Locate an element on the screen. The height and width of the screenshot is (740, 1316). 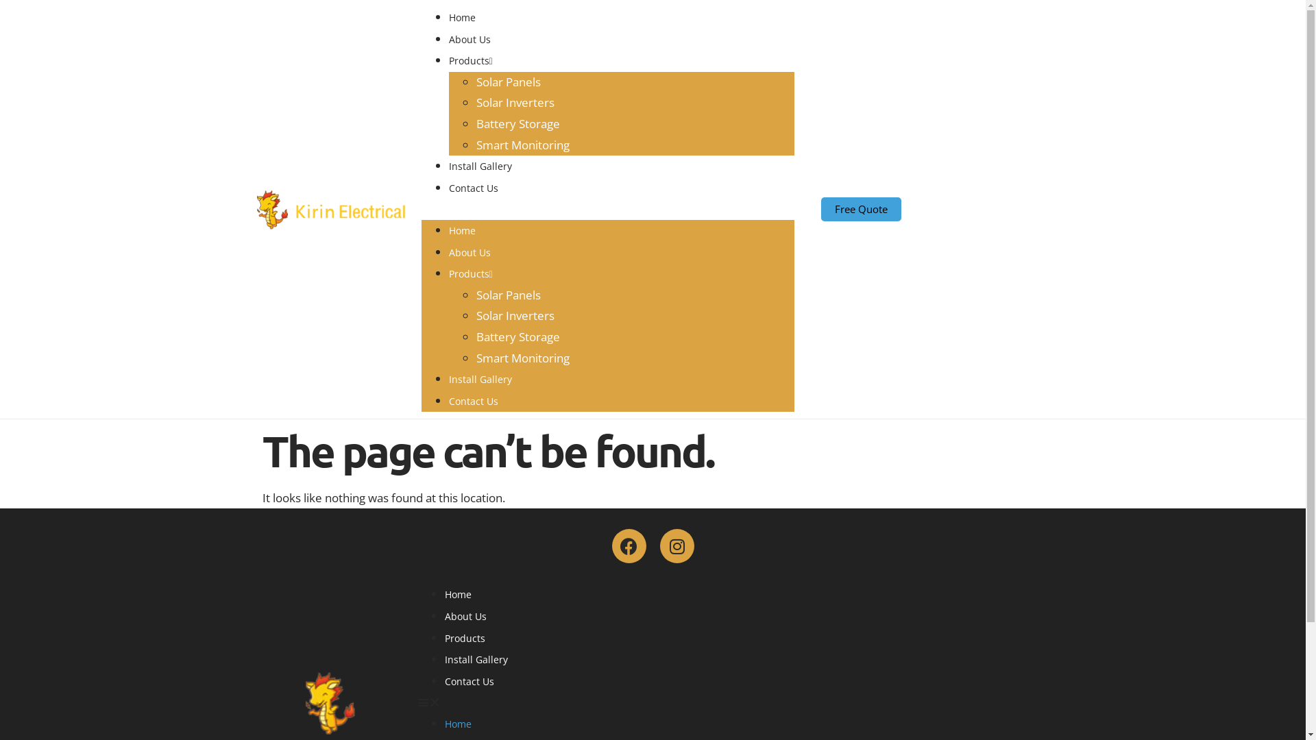
'Smart Monitoring' is located at coordinates (522, 145).